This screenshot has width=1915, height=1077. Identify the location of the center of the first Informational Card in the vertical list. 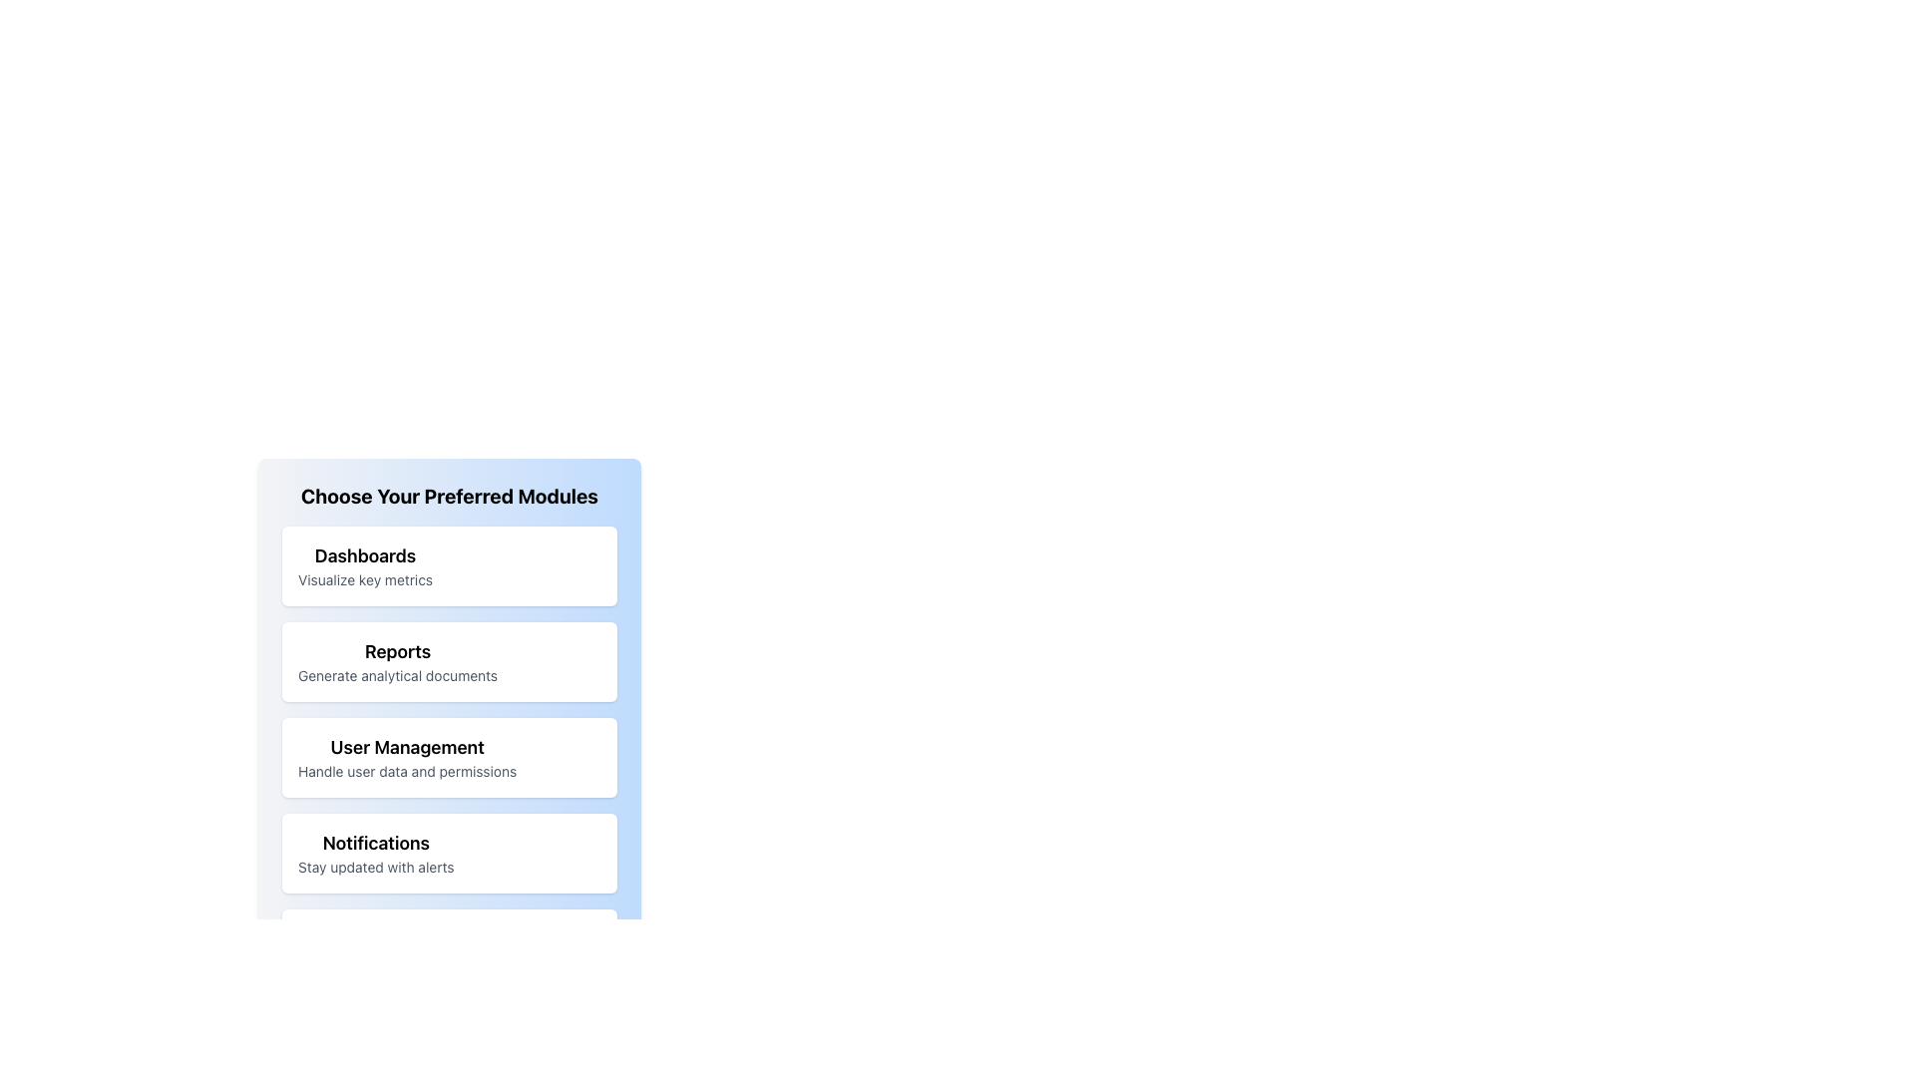
(449, 565).